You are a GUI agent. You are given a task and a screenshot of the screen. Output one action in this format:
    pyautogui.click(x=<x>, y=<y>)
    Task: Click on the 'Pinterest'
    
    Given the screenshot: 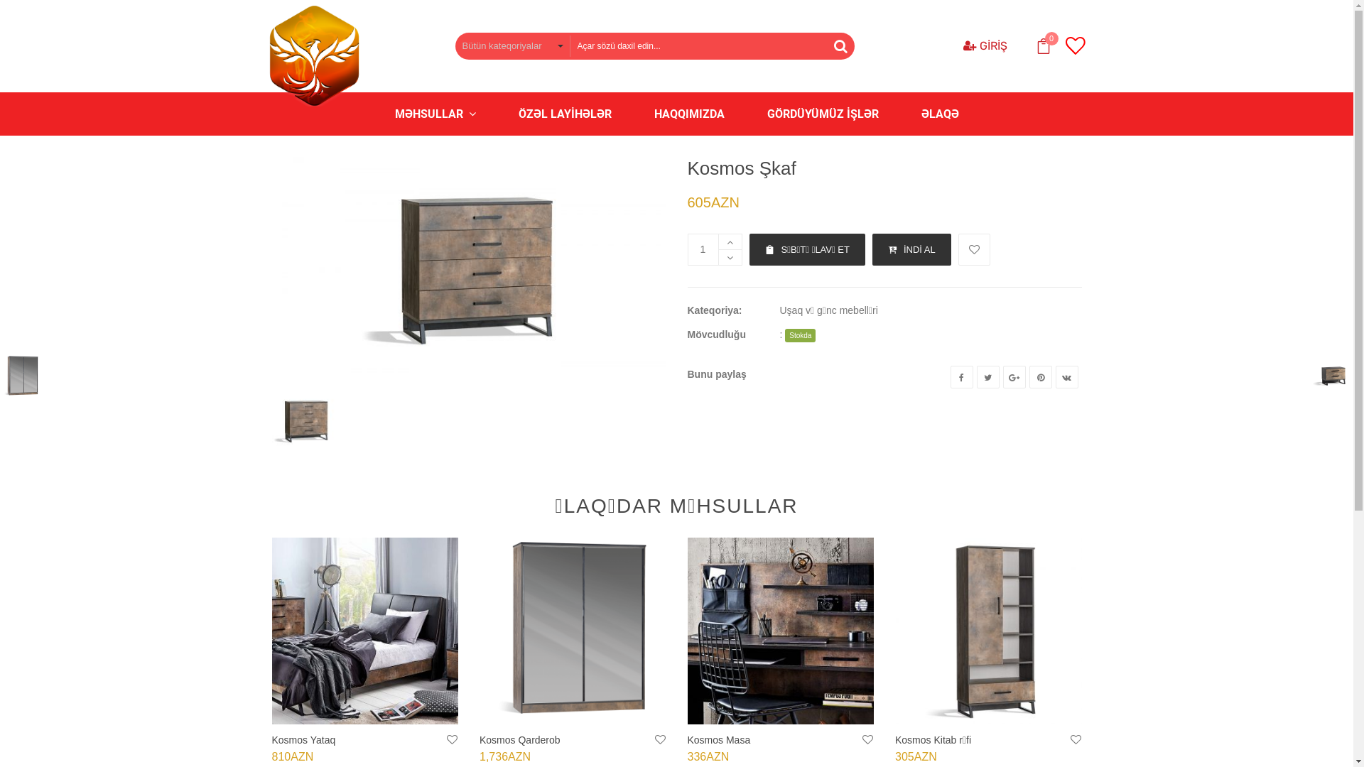 What is the action you would take?
    pyautogui.click(x=1040, y=376)
    